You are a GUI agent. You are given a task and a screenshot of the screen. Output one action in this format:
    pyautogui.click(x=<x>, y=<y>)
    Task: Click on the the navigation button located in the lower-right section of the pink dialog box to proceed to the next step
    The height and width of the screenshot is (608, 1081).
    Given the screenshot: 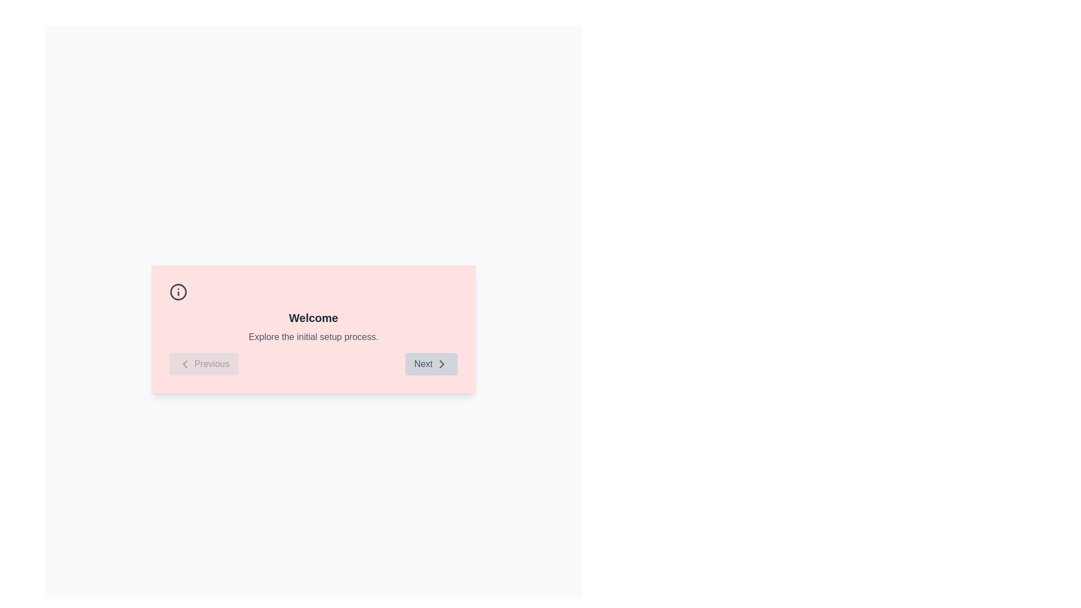 What is the action you would take?
    pyautogui.click(x=431, y=364)
    